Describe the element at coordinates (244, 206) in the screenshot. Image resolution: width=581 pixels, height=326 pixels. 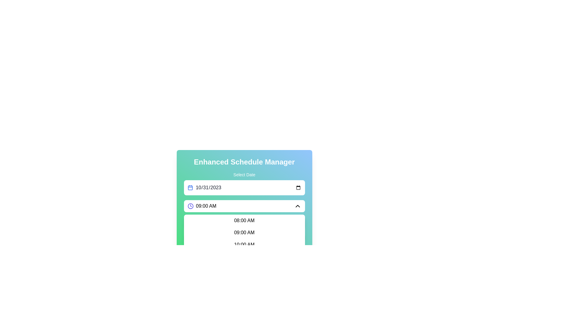
I see `the Dropdown selector button located directly below the date input field` at that location.